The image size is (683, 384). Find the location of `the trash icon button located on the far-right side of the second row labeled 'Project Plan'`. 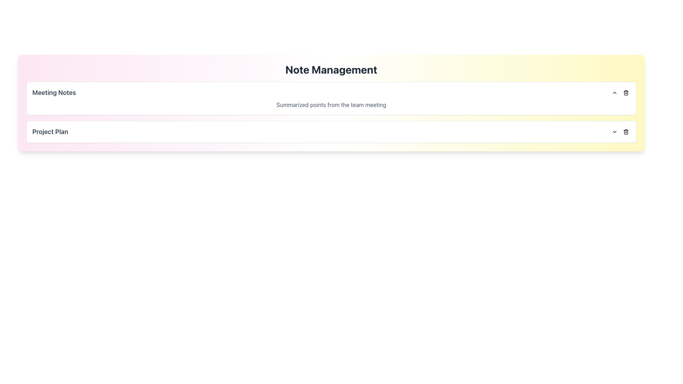

the trash icon button located on the far-right side of the second row labeled 'Project Plan' is located at coordinates (626, 132).